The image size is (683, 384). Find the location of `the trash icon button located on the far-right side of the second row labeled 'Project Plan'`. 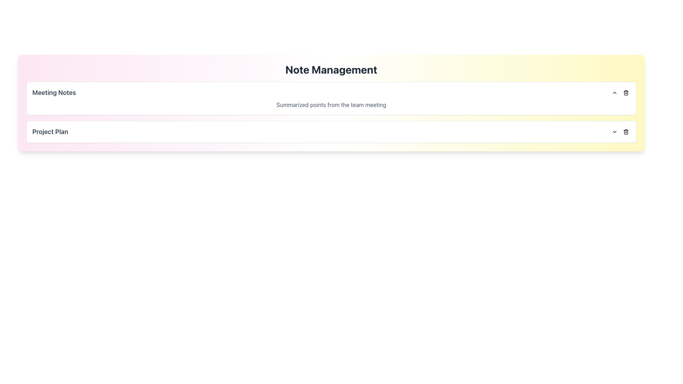

the trash icon button located on the far-right side of the second row labeled 'Project Plan' is located at coordinates (626, 132).